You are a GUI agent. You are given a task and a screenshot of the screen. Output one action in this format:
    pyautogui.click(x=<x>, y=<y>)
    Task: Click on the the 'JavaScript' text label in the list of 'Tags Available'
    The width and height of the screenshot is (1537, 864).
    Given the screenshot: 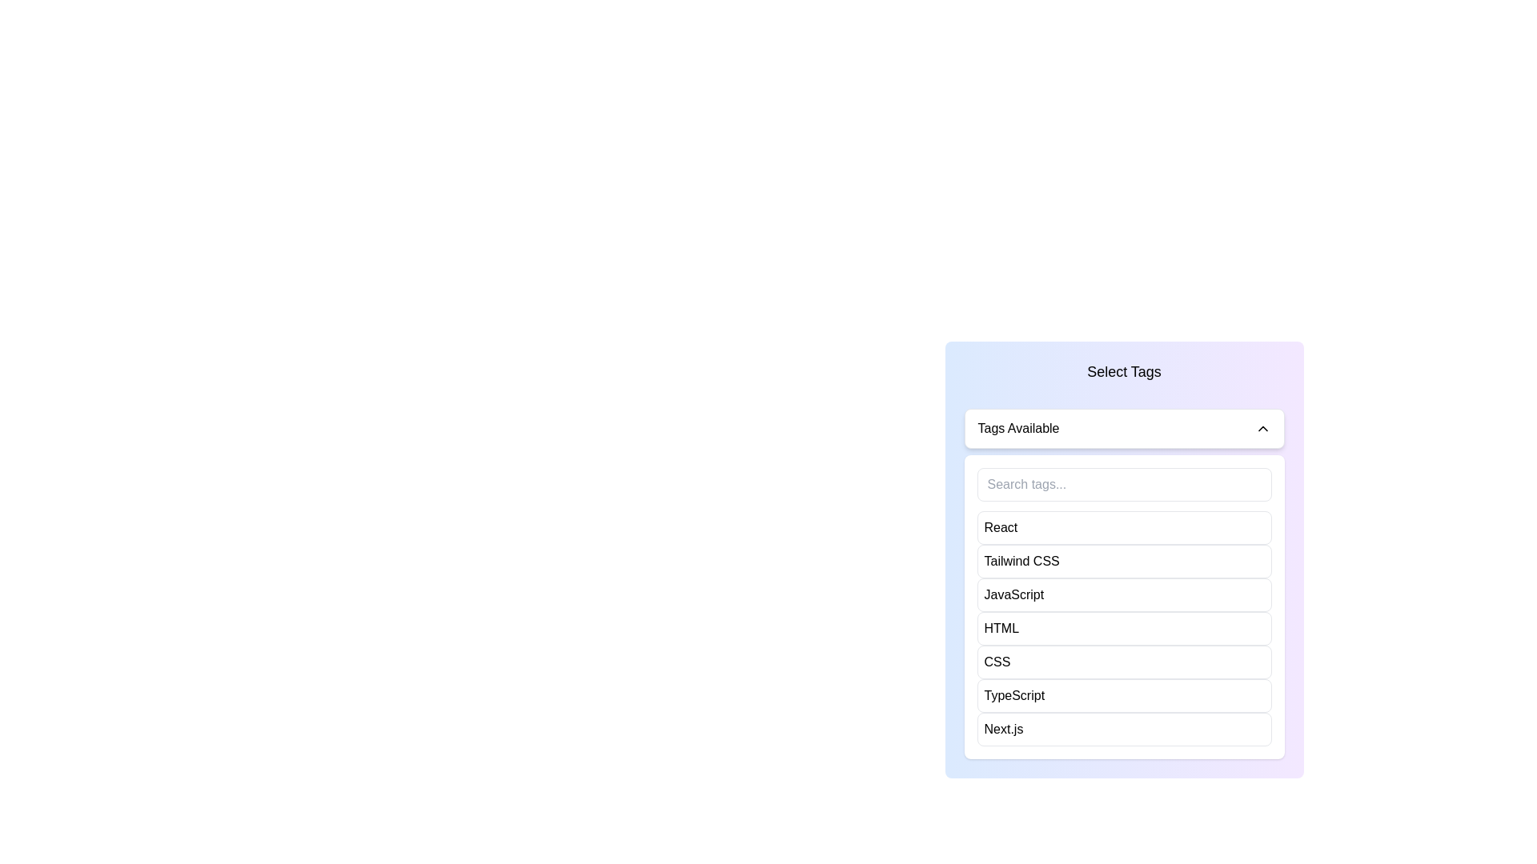 What is the action you would take?
    pyautogui.click(x=1013, y=595)
    